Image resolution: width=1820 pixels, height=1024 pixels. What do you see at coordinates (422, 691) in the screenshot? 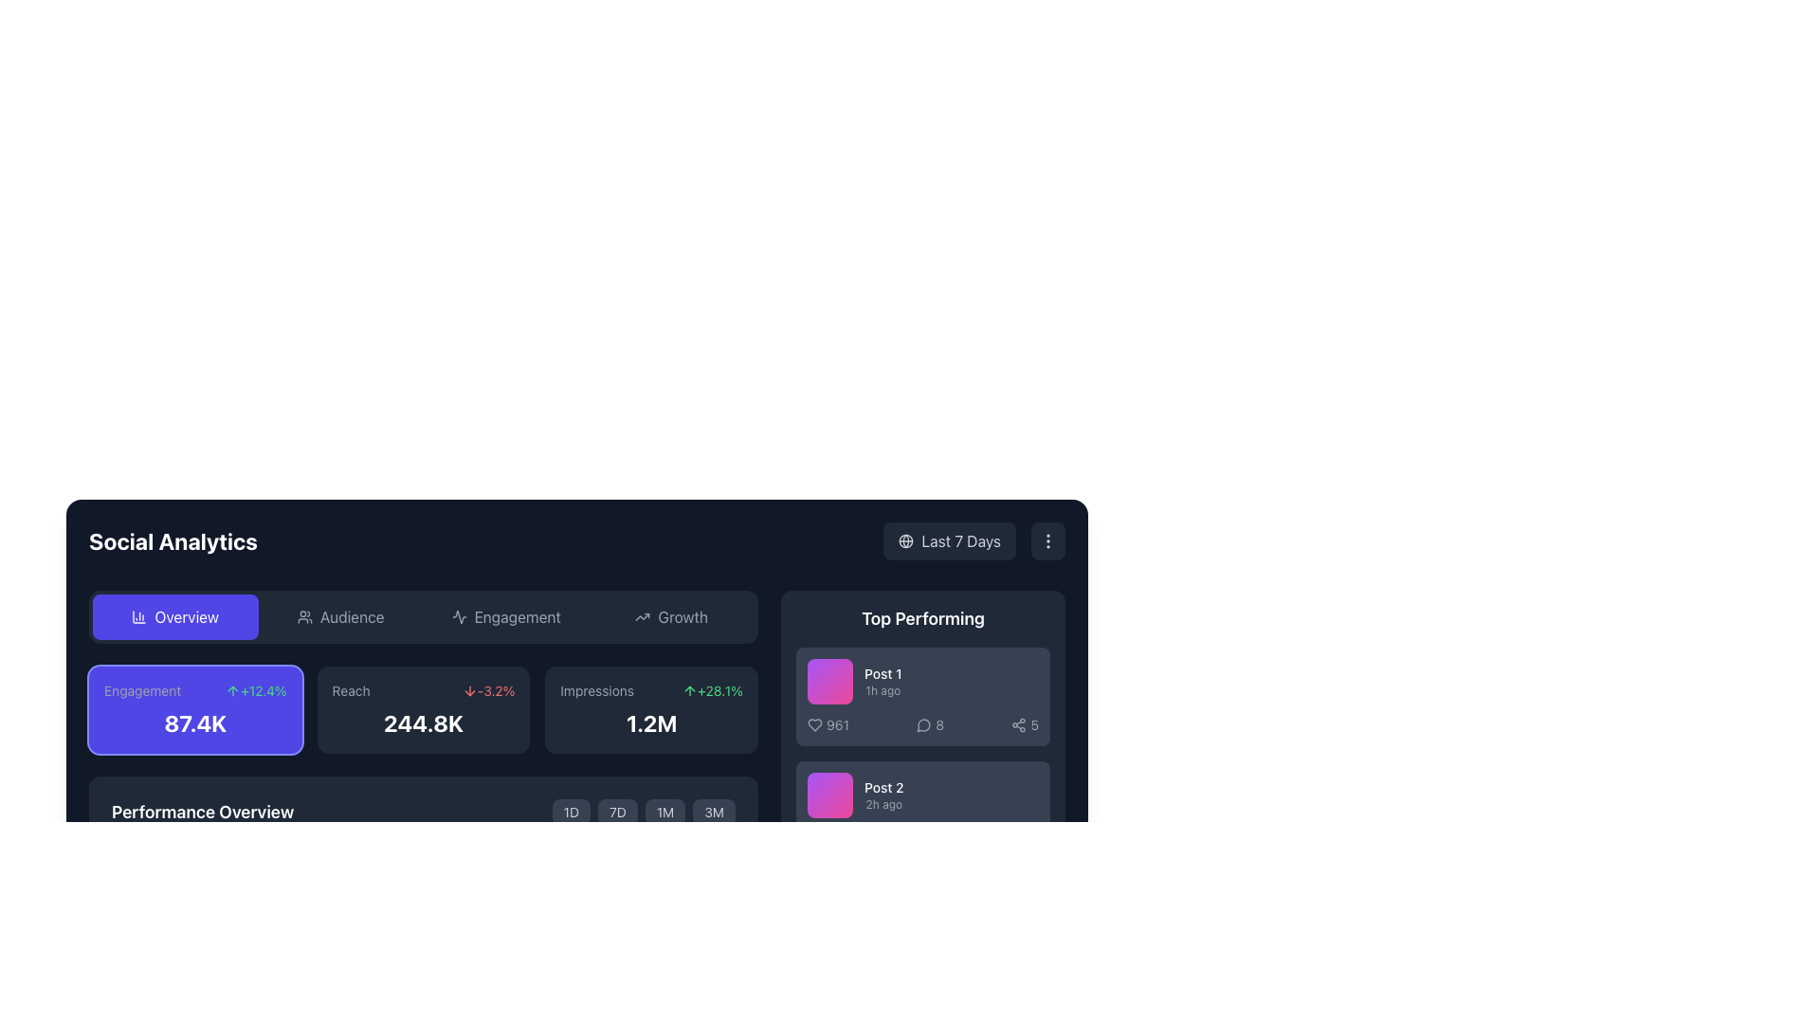
I see `the Label-Value Group with Icon displaying the label 'Reach' and the percentage value '-3.2%', which is styled with gray and red text respectively, located in a dark-themed card above the number '244.8K'` at bounding box center [422, 691].